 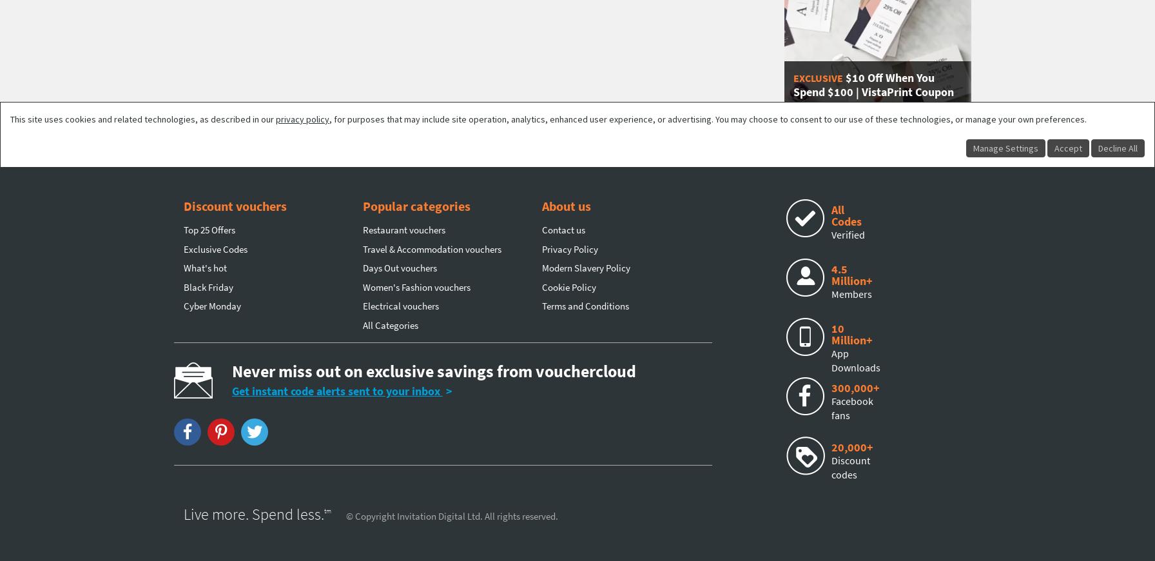 I want to click on 'Travel & Accommodation vouchers', so click(x=432, y=248).